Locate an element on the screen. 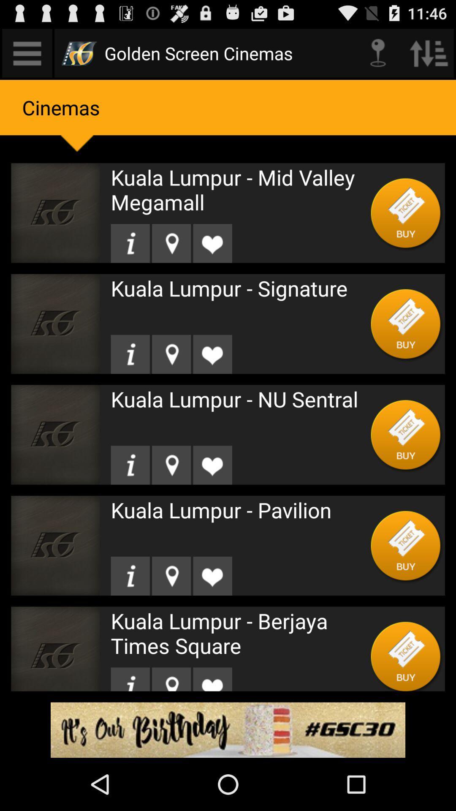 The width and height of the screenshot is (456, 811). like it is located at coordinates (212, 679).